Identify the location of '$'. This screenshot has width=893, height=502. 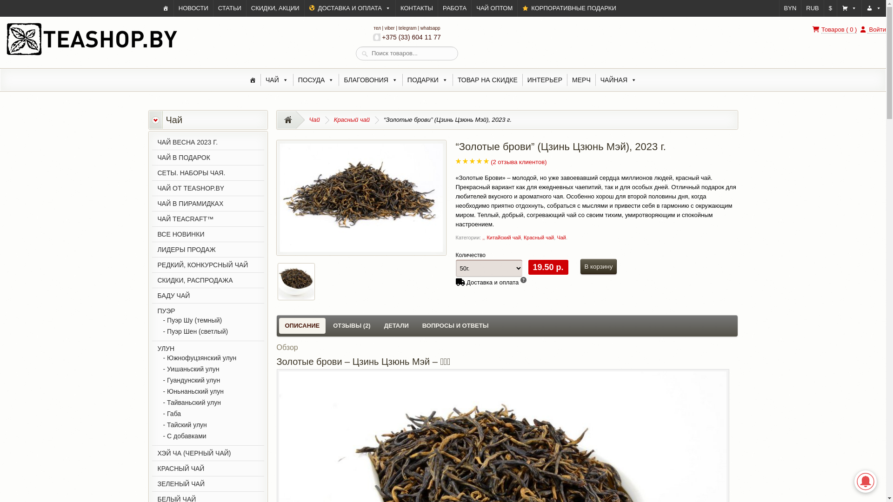
(830, 8).